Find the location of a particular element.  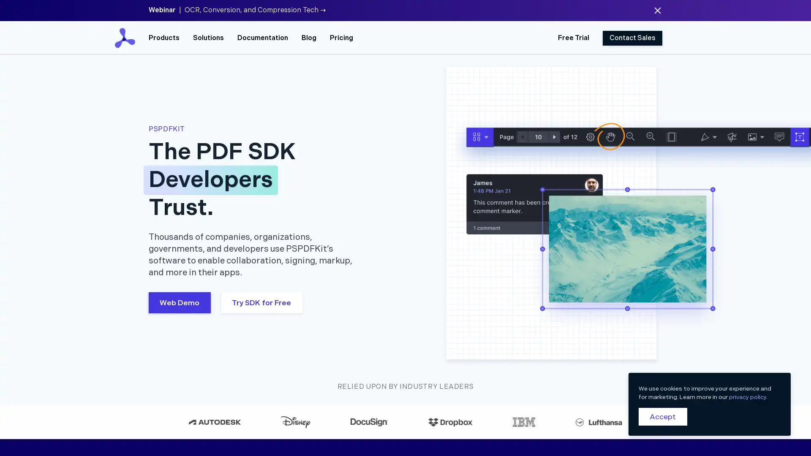

Close is located at coordinates (655, 41).